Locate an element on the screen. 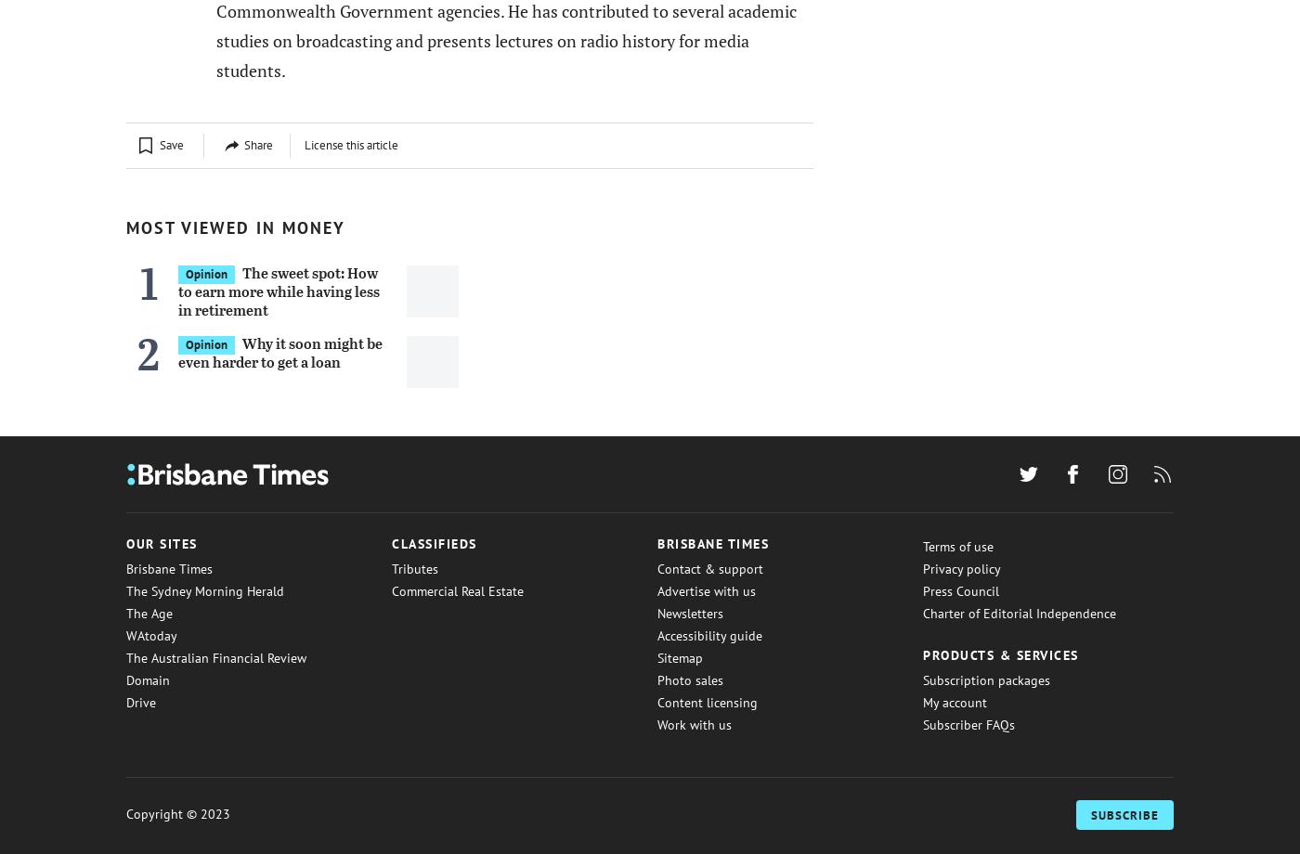 The height and width of the screenshot is (854, 1300). 'Tributes' is located at coordinates (415, 566).